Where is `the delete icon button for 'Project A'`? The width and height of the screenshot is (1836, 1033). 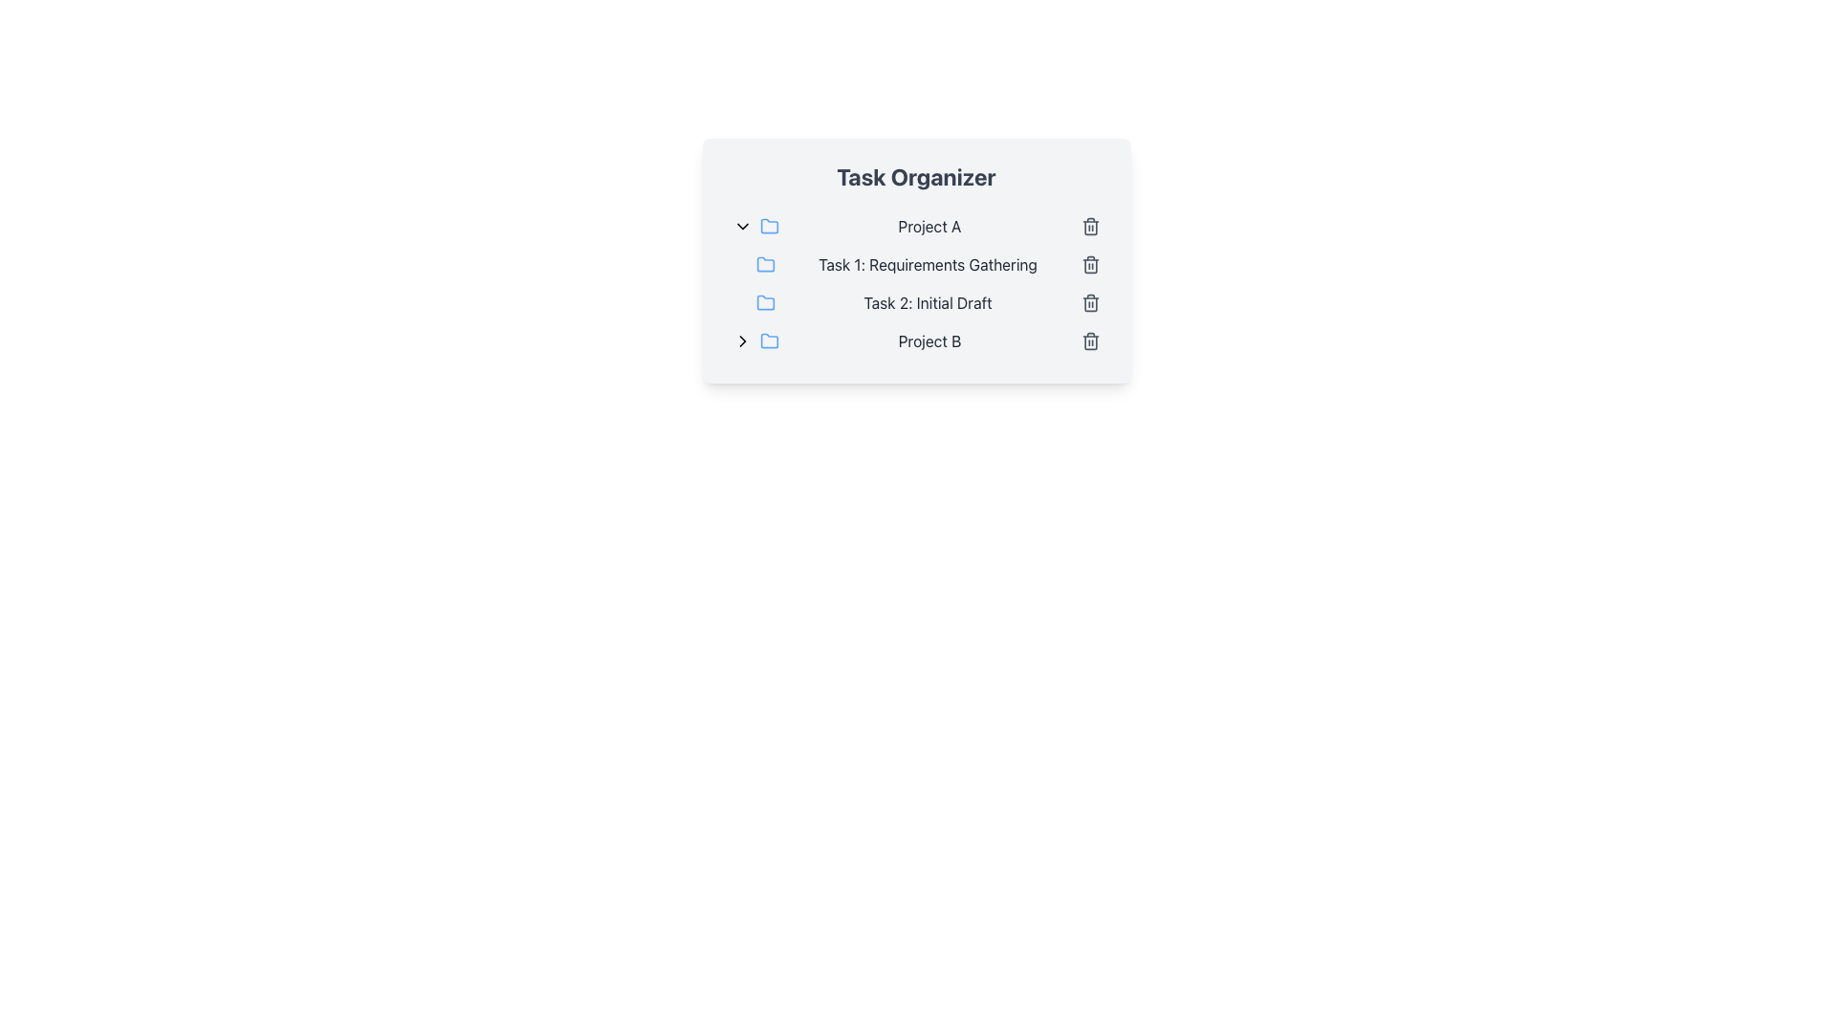 the delete icon button for 'Project A' is located at coordinates (1090, 225).